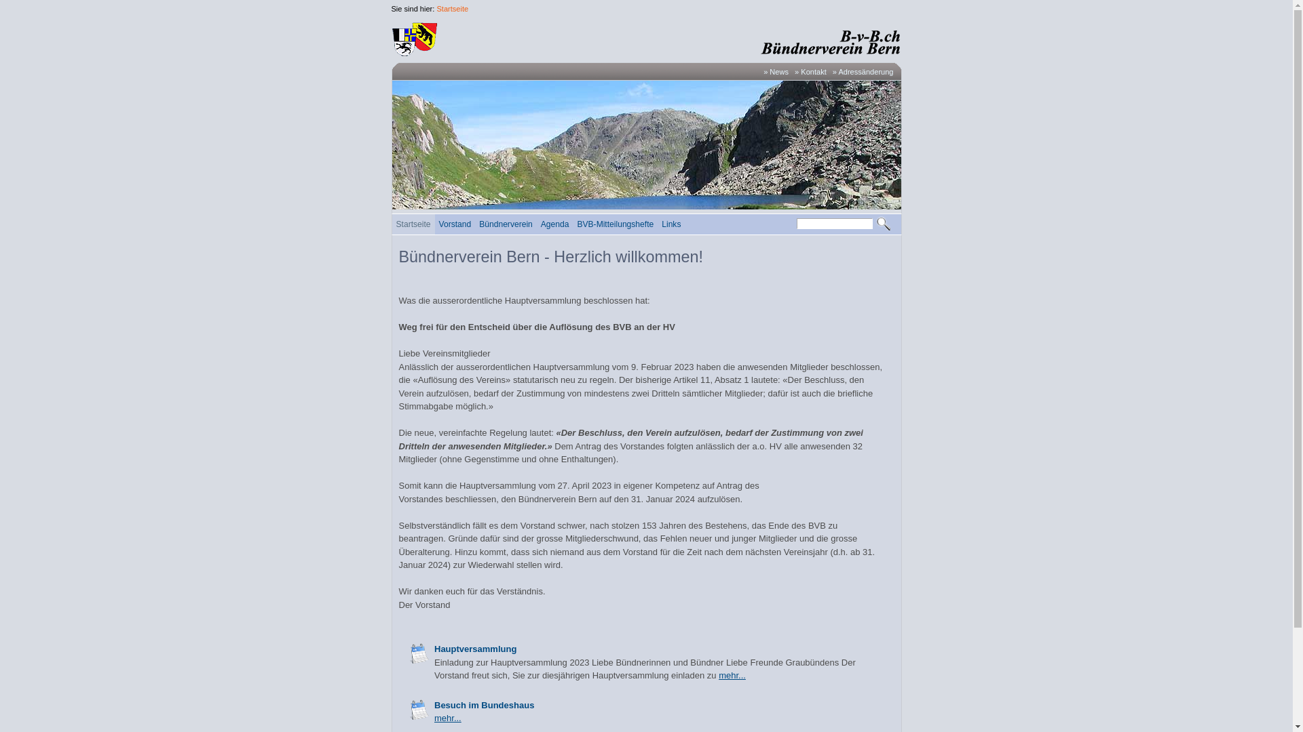 The height and width of the screenshot is (732, 1303). I want to click on 'mehr...', so click(732, 675).